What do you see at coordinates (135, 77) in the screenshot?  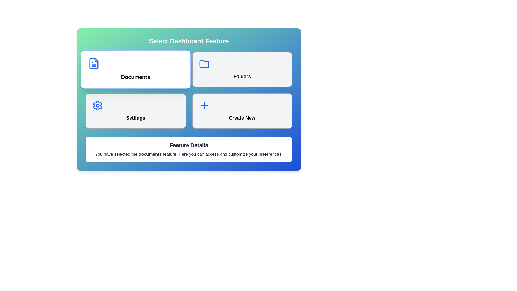 I see `the text label located below the blue file icon in the 'Documents' card, which provides context for the associated feature` at bounding box center [135, 77].